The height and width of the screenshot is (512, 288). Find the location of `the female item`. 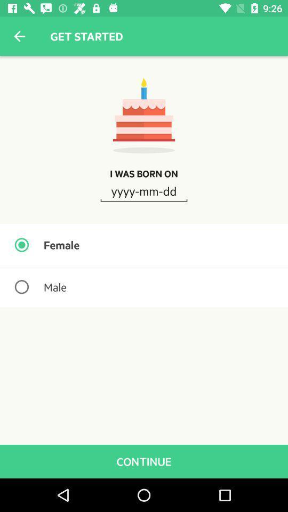

the female item is located at coordinates (144, 245).